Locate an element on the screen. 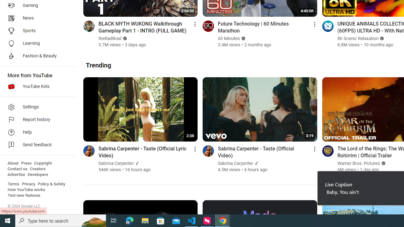 The height and width of the screenshot is (227, 404). 'Help' is located at coordinates (35, 132).